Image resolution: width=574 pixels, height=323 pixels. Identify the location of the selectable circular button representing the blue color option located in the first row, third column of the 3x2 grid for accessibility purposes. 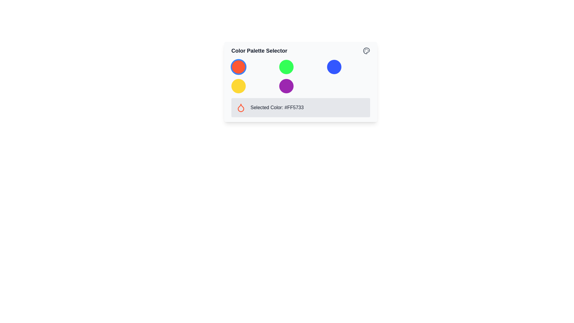
(334, 67).